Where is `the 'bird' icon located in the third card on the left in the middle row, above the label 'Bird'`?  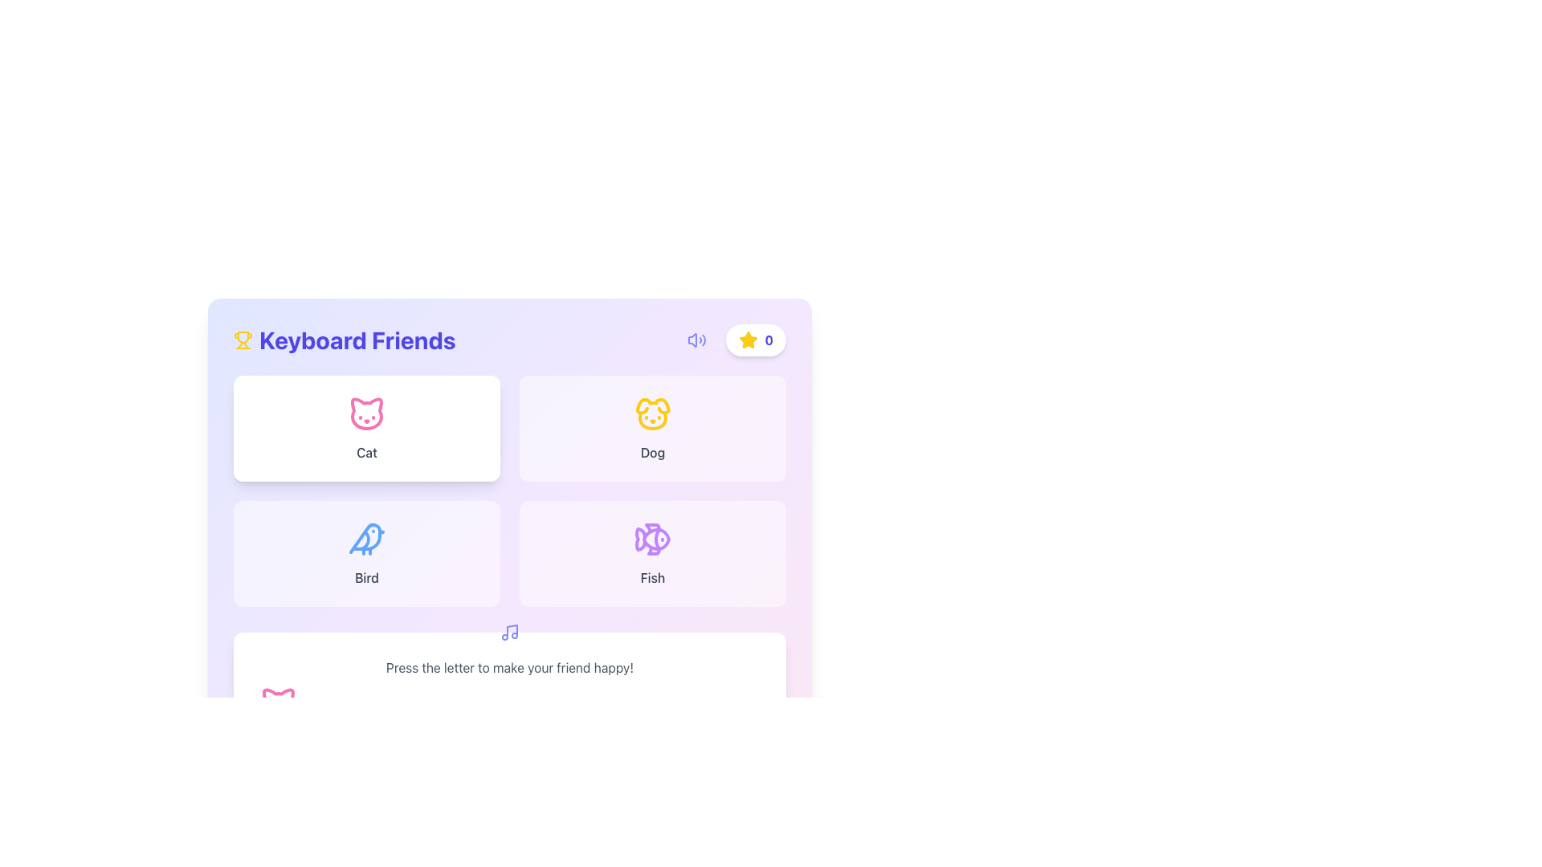 the 'bird' icon located in the third card on the left in the middle row, above the label 'Bird' is located at coordinates (365, 539).